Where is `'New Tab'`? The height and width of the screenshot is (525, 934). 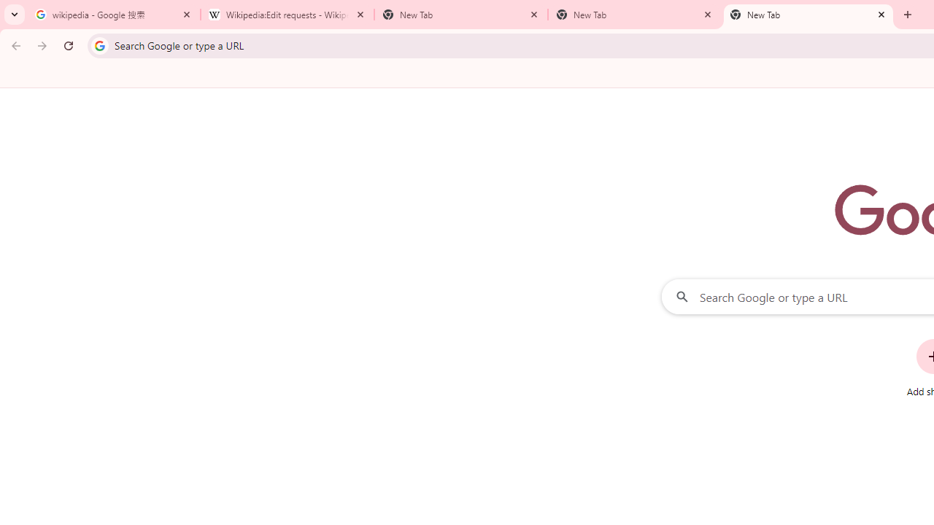
'New Tab' is located at coordinates (808, 15).